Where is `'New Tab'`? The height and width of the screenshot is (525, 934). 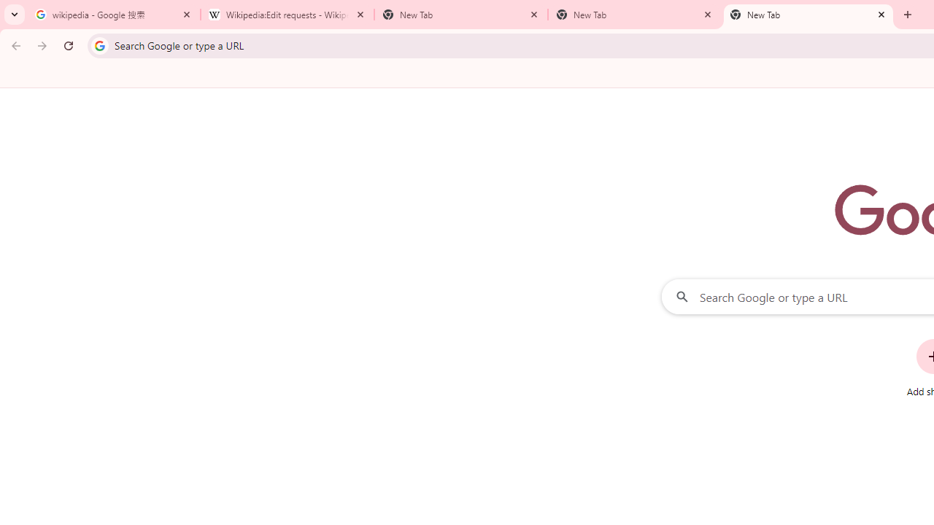
'New Tab' is located at coordinates (808, 15).